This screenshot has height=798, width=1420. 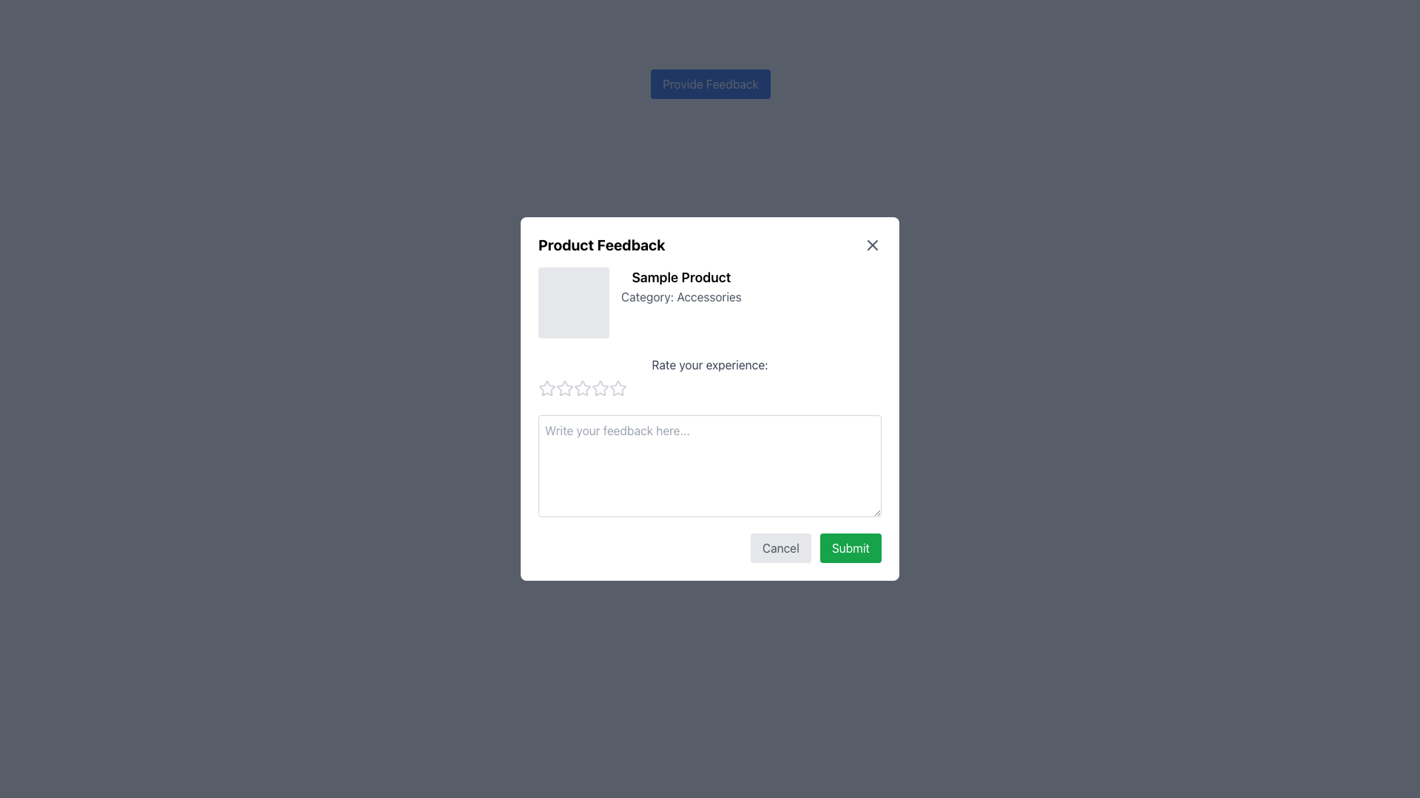 I want to click on the first star in the interactive rating star icon sequence, so click(x=564, y=387).